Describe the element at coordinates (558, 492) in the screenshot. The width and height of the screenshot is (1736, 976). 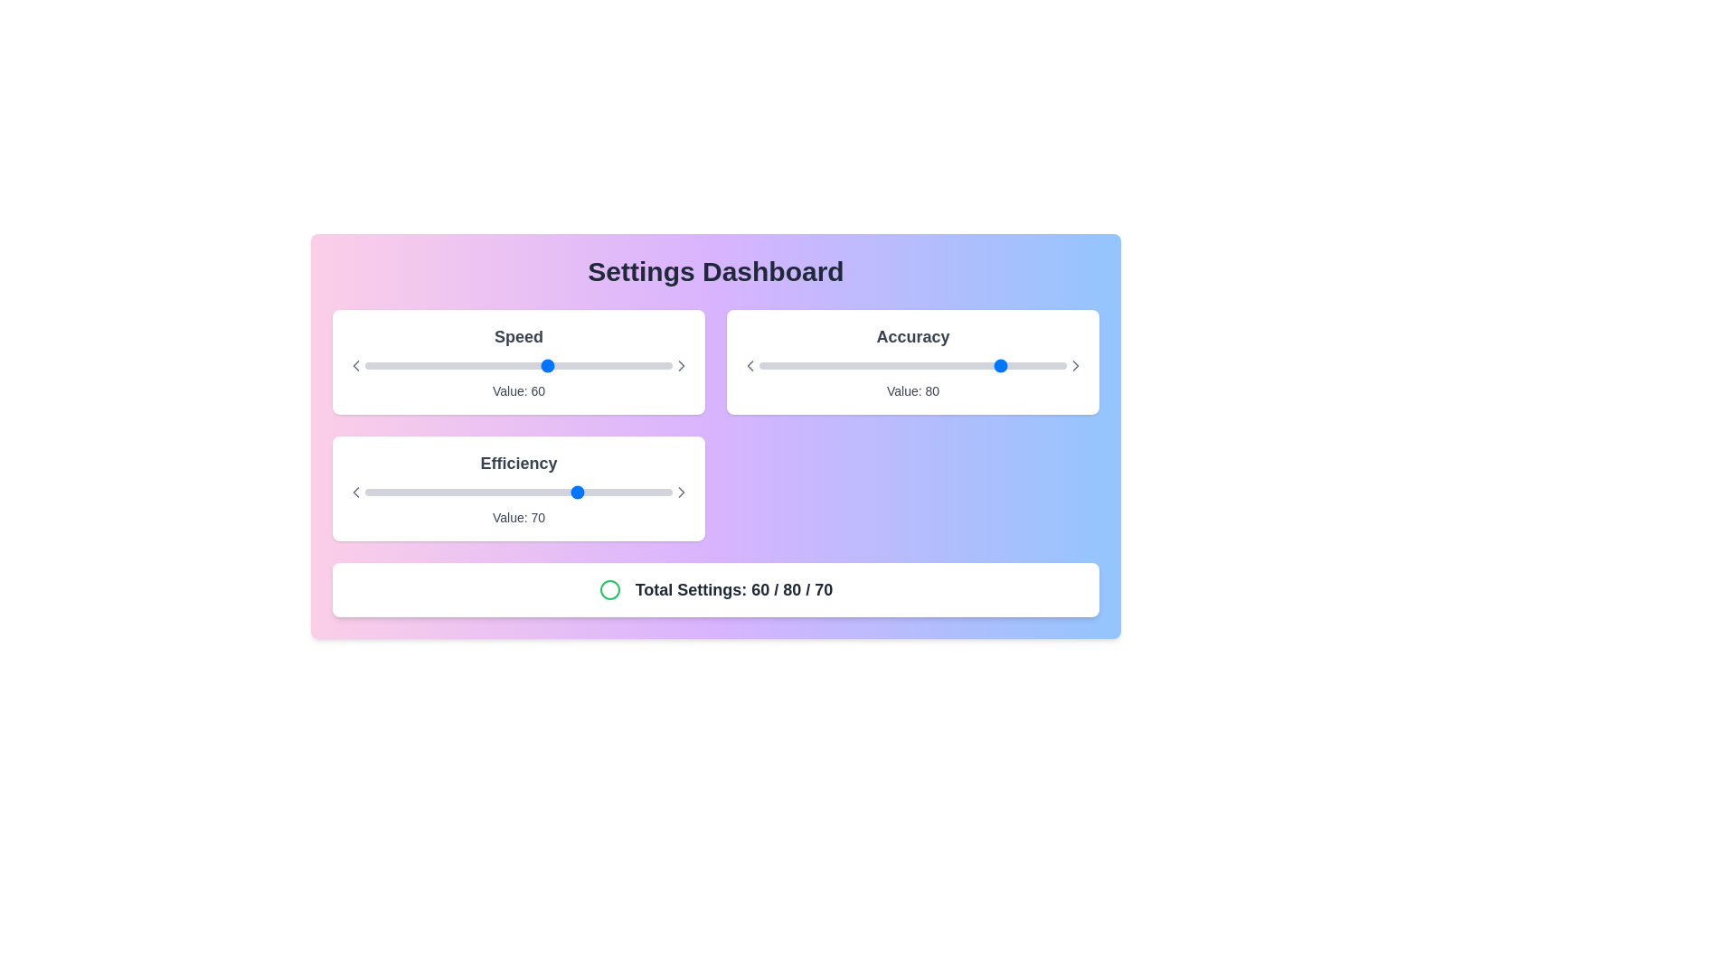
I see `efficiency` at that location.